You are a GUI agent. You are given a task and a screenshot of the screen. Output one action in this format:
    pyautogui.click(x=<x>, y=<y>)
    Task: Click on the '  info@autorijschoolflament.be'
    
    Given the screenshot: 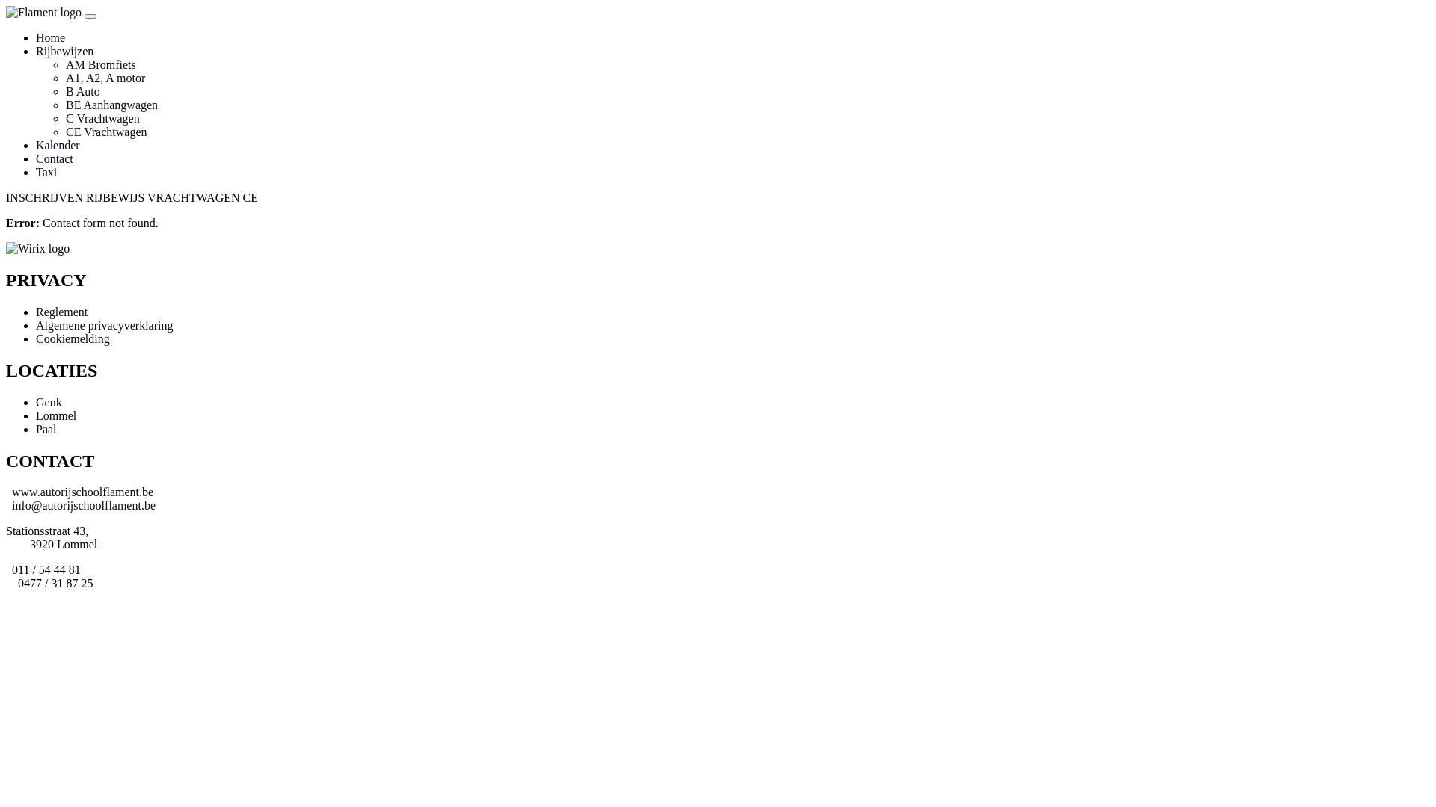 What is the action you would take?
    pyautogui.click(x=80, y=504)
    